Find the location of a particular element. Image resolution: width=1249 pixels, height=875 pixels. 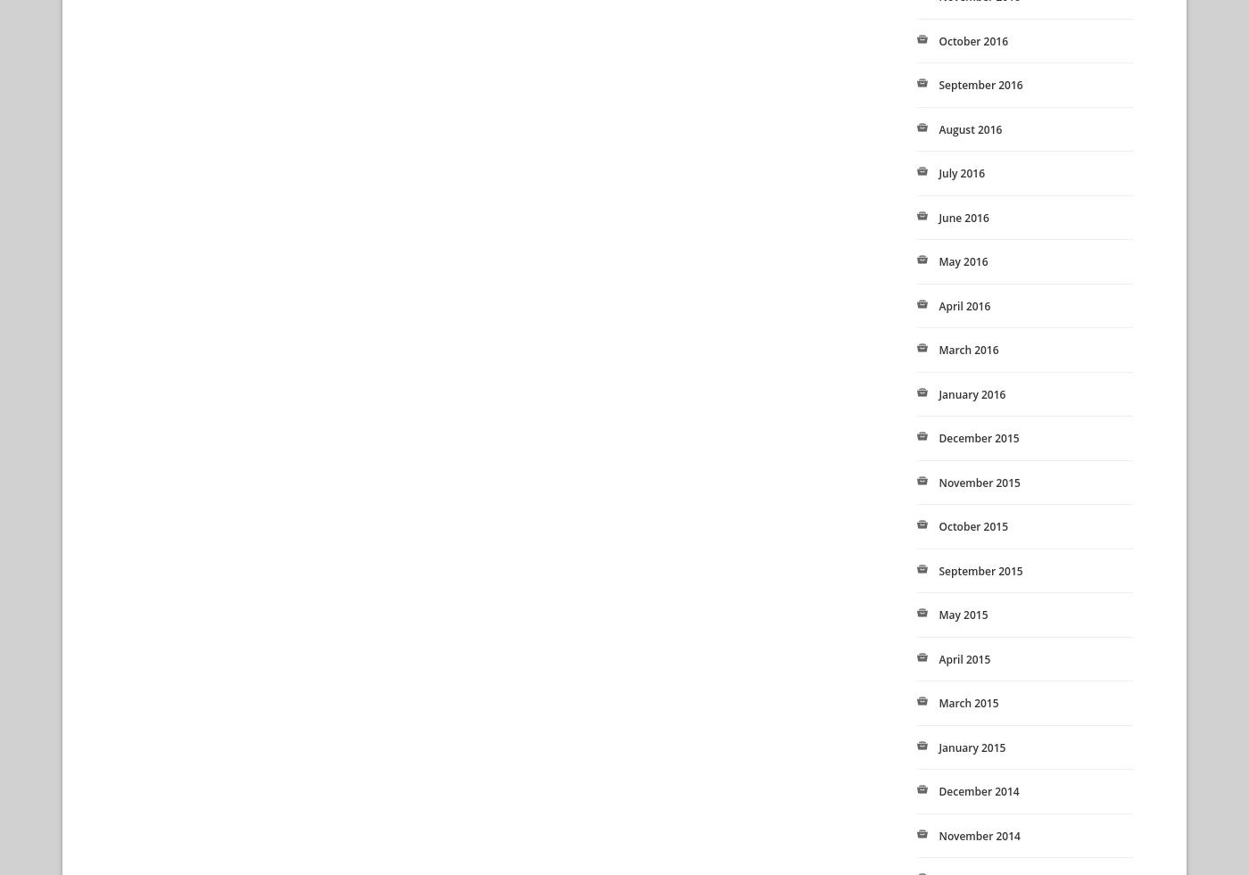

'November 2015' is located at coordinates (979, 482).